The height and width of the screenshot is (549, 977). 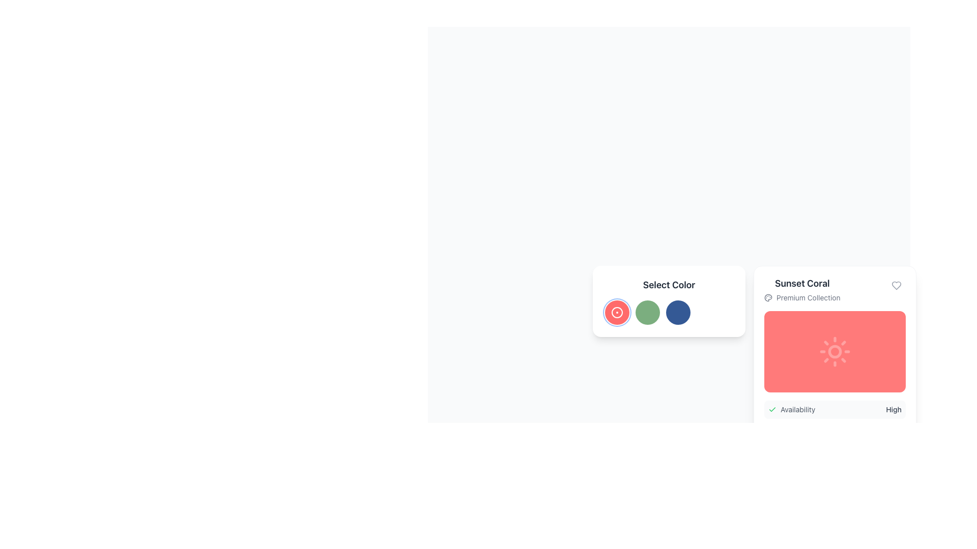 I want to click on the heart icon located at the top-right corner of the 'Sunset Coral' card, so click(x=896, y=286).